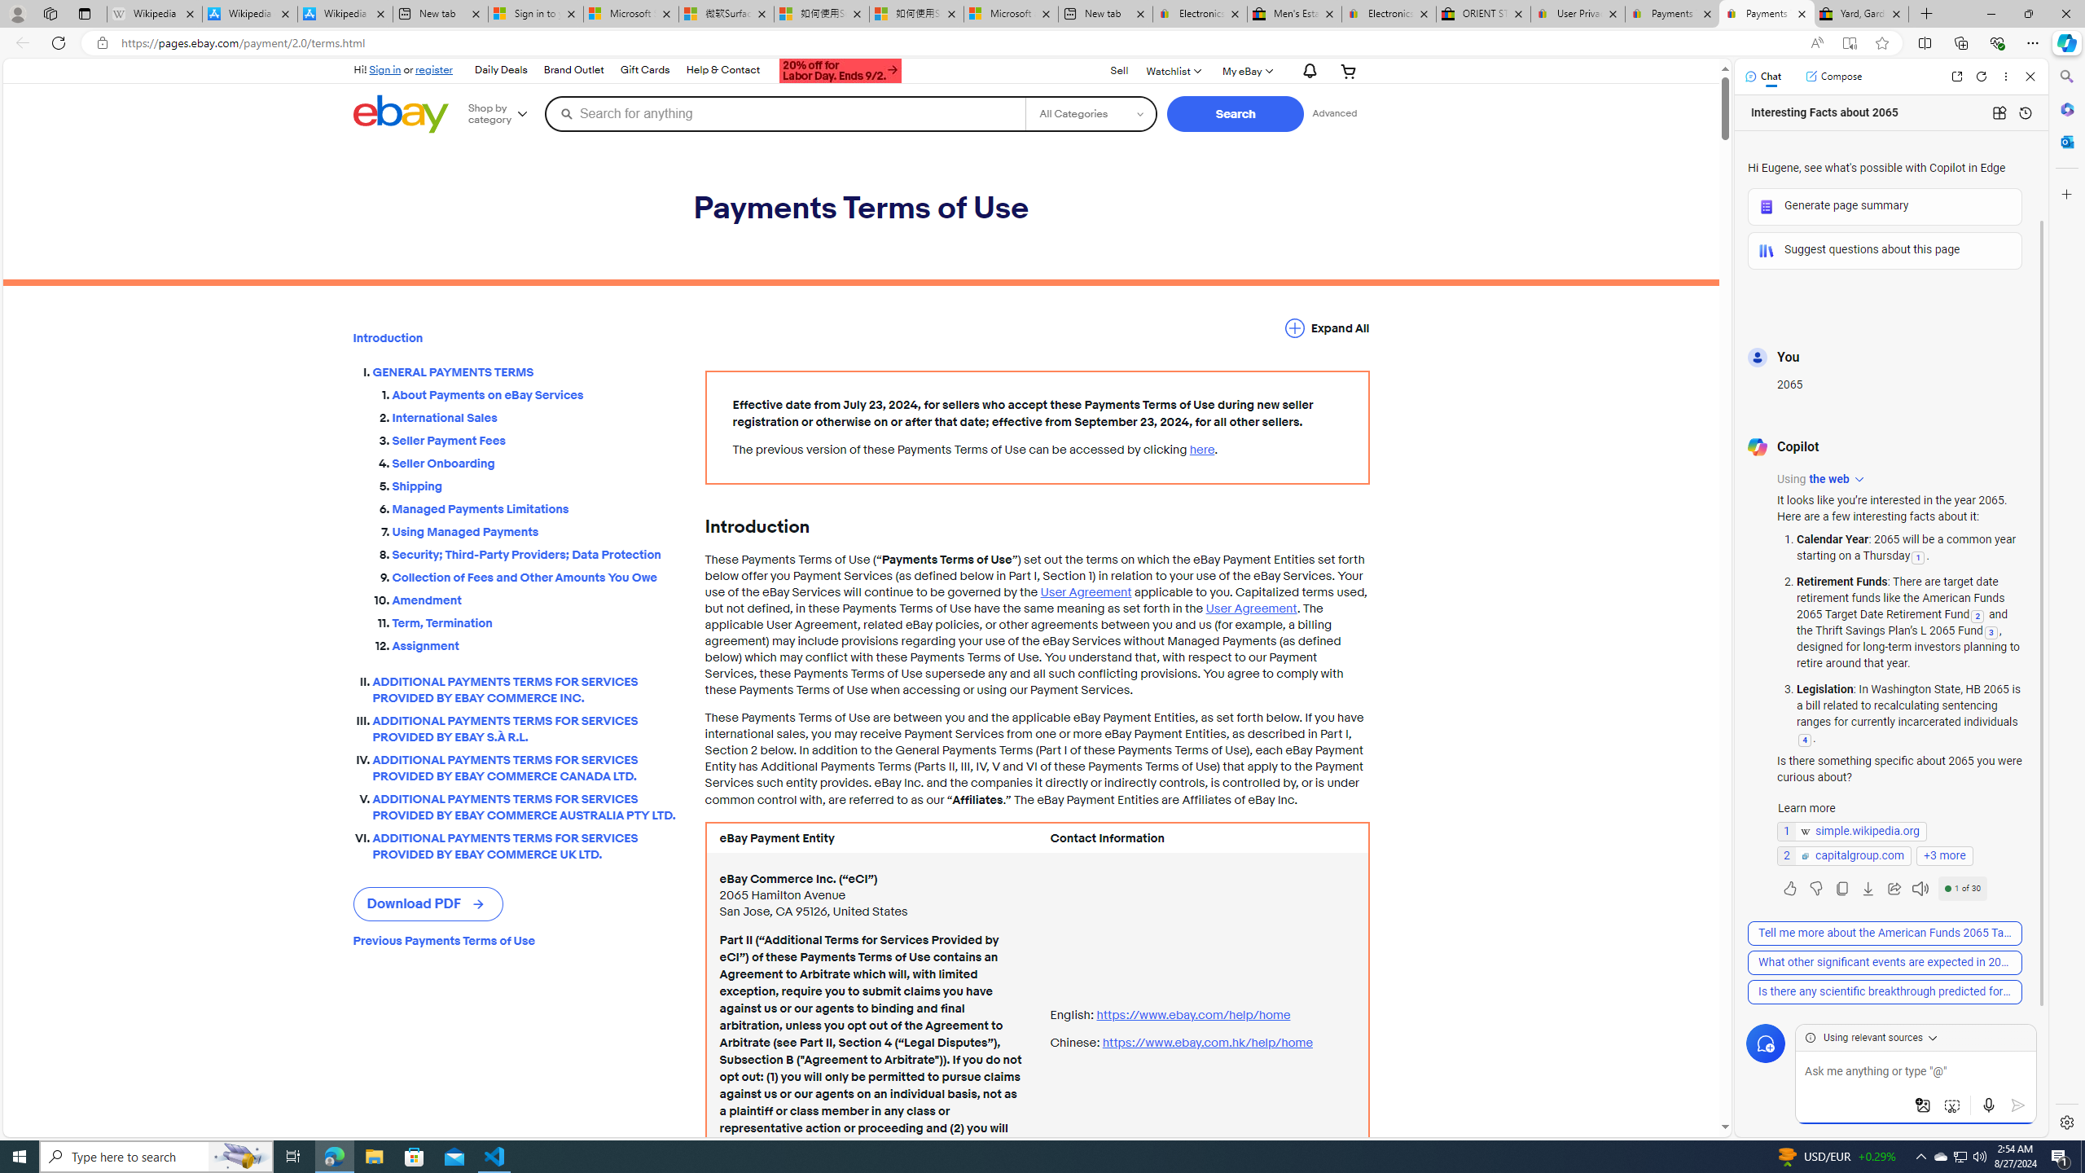  I want to click on 'User Privacy Notice | eBay', so click(1577, 13).